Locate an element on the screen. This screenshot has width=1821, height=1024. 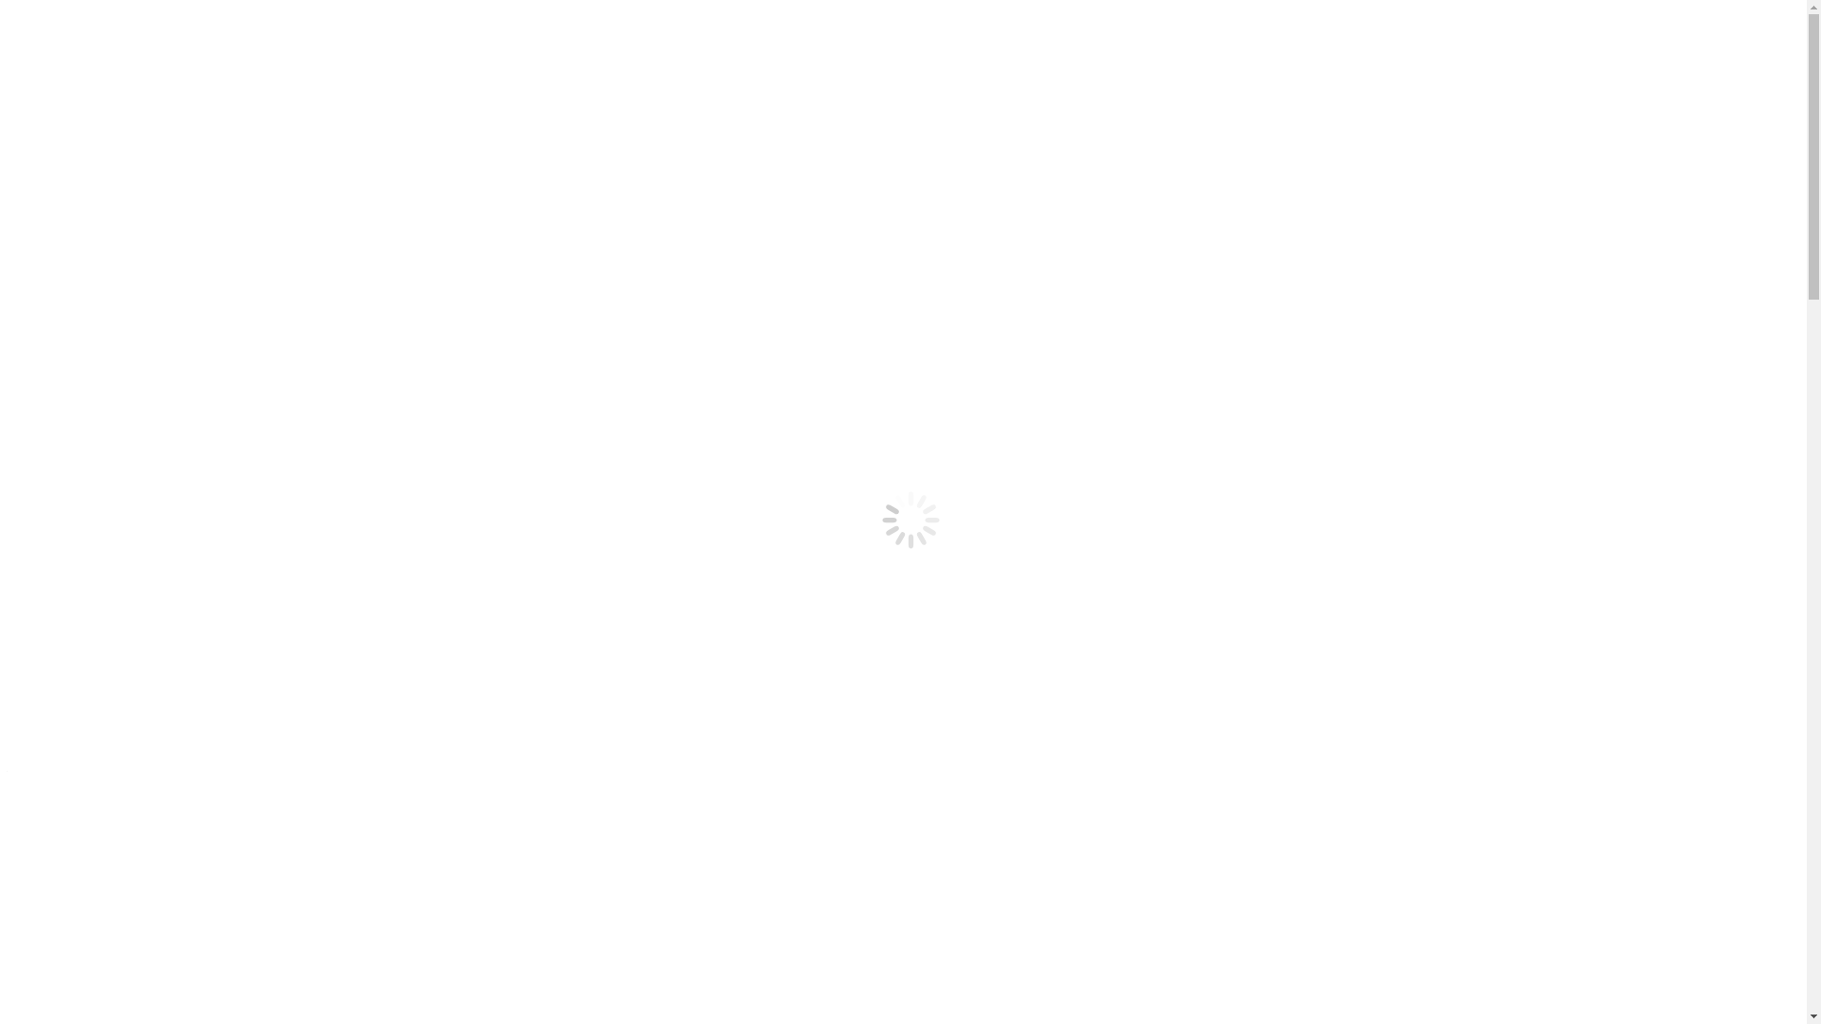
'Matt Makens Weather' is located at coordinates (111, 223).